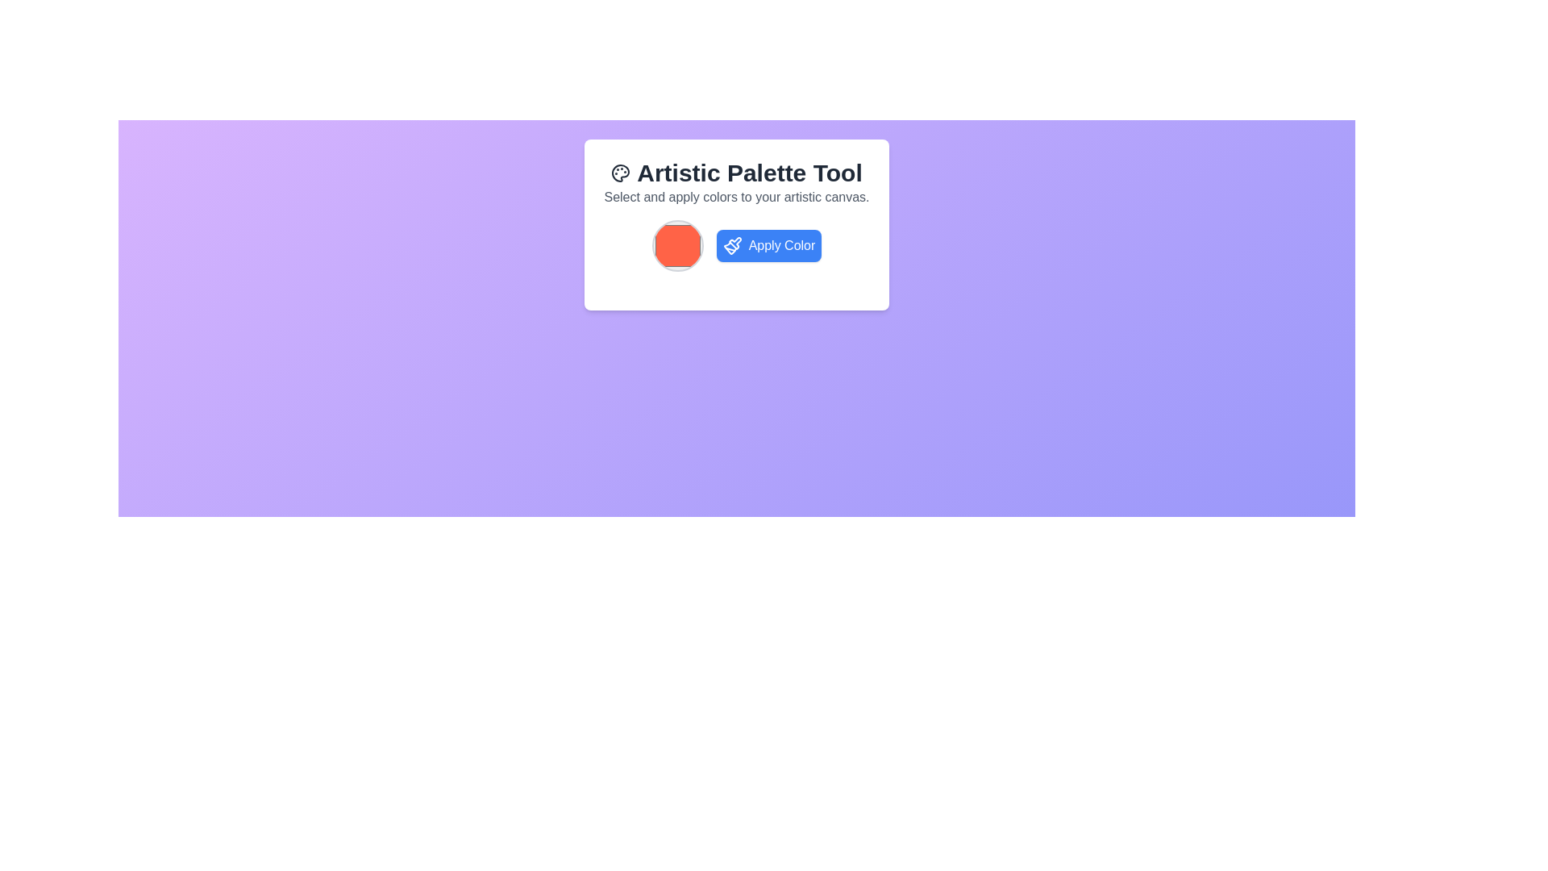  Describe the element at coordinates (735, 224) in the screenshot. I see `the title 'Artistic Palette Tool' in the informational panel with a white background and rounded edges` at that location.